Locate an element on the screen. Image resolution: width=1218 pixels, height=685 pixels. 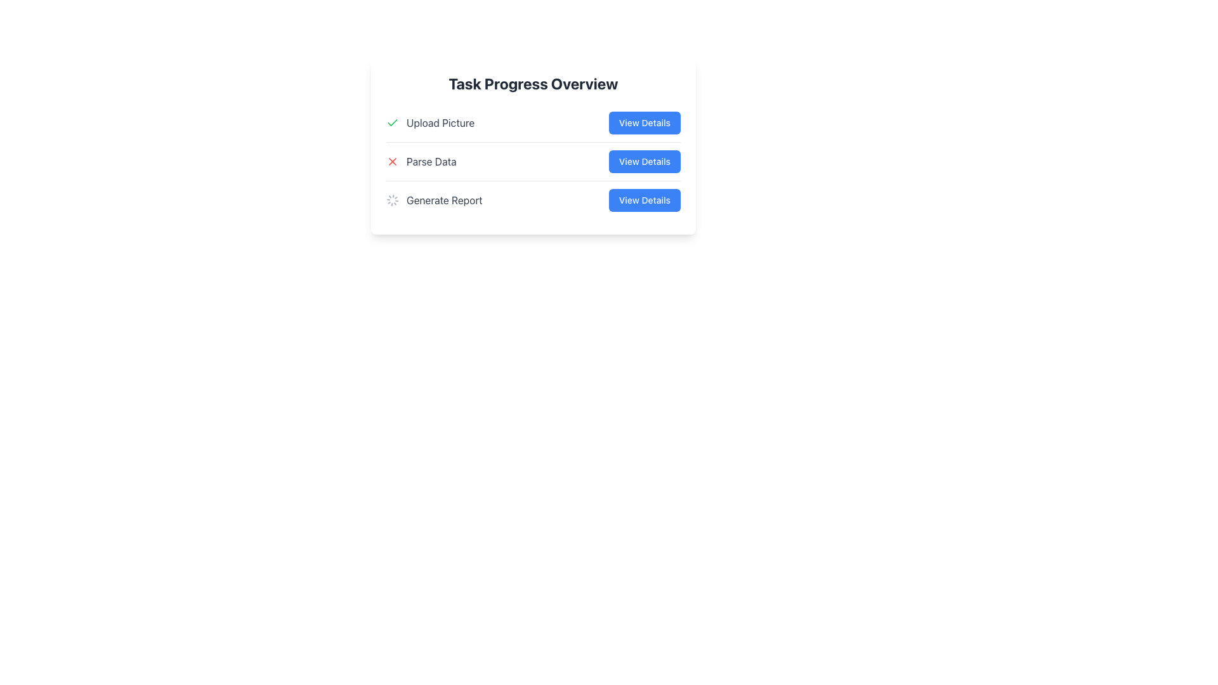
the actionable button aligned to the far-right within the row containing the text 'Parse Data' is located at coordinates (645, 160).